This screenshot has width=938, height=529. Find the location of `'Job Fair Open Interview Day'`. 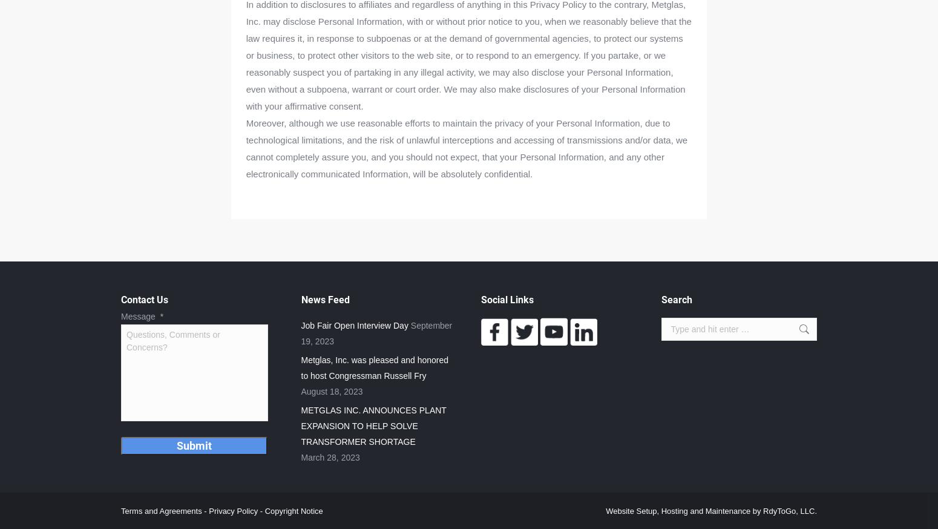

'Job Fair Open Interview Day' is located at coordinates (354, 326).